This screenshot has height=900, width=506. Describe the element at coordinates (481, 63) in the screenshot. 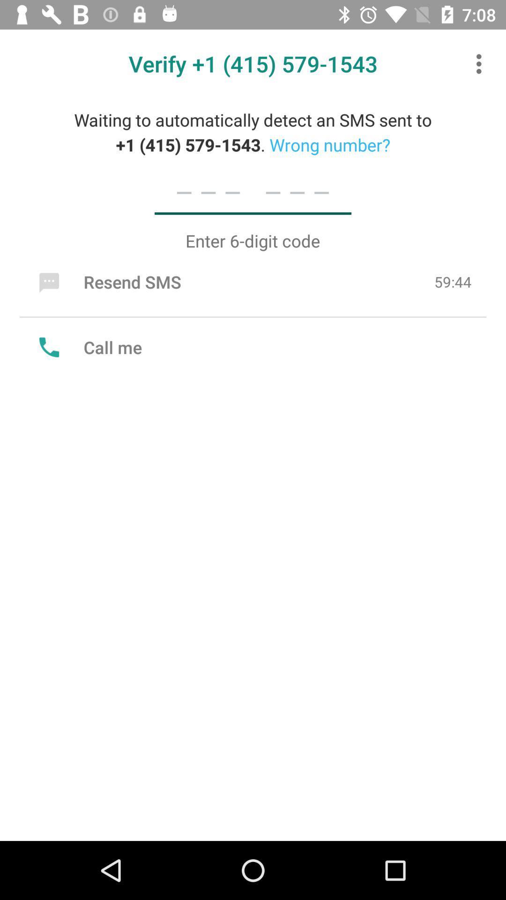

I see `the icon above waiting to automatically icon` at that location.